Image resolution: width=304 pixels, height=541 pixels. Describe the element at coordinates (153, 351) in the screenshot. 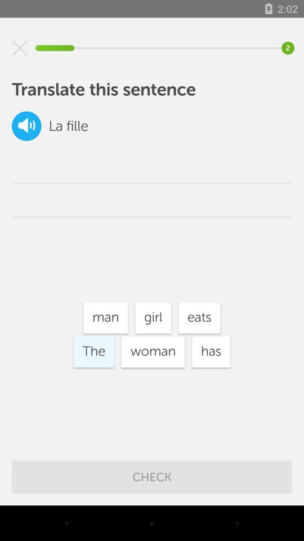

I see `icon below man icon` at that location.